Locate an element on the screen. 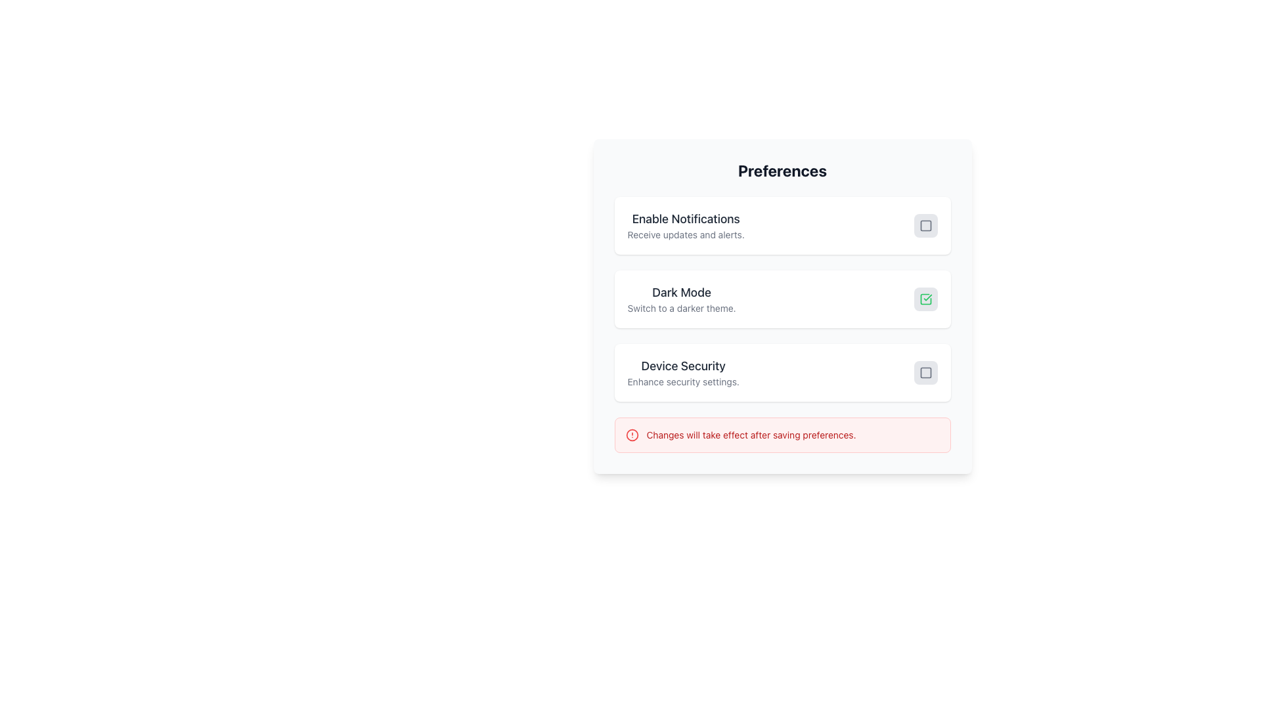 Image resolution: width=1261 pixels, height=709 pixels. the 'Dark Mode' static text label, which is bold and dark gray, serving as a section title between 'Enable Notifications' and 'Device Security' is located at coordinates (682, 292).